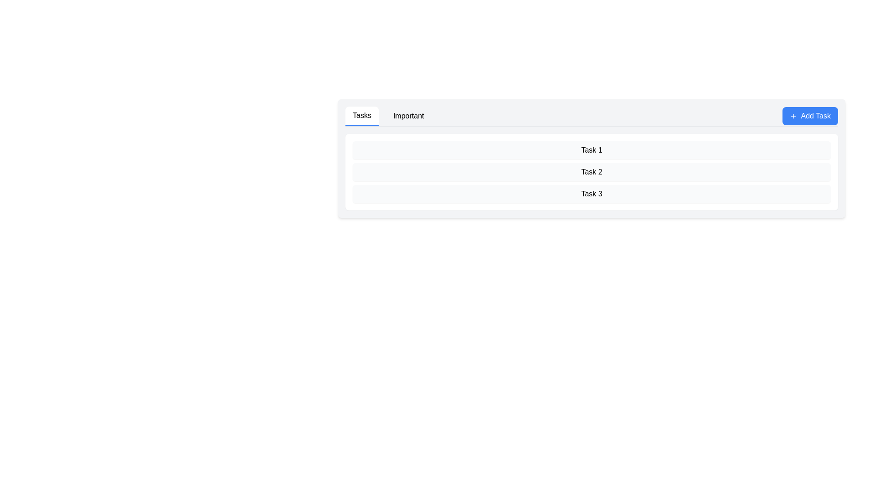 The image size is (875, 492). Describe the element at coordinates (388, 115) in the screenshot. I see `the 'Important' tab in the Tab navigation control to switch to its corresponding section` at that location.